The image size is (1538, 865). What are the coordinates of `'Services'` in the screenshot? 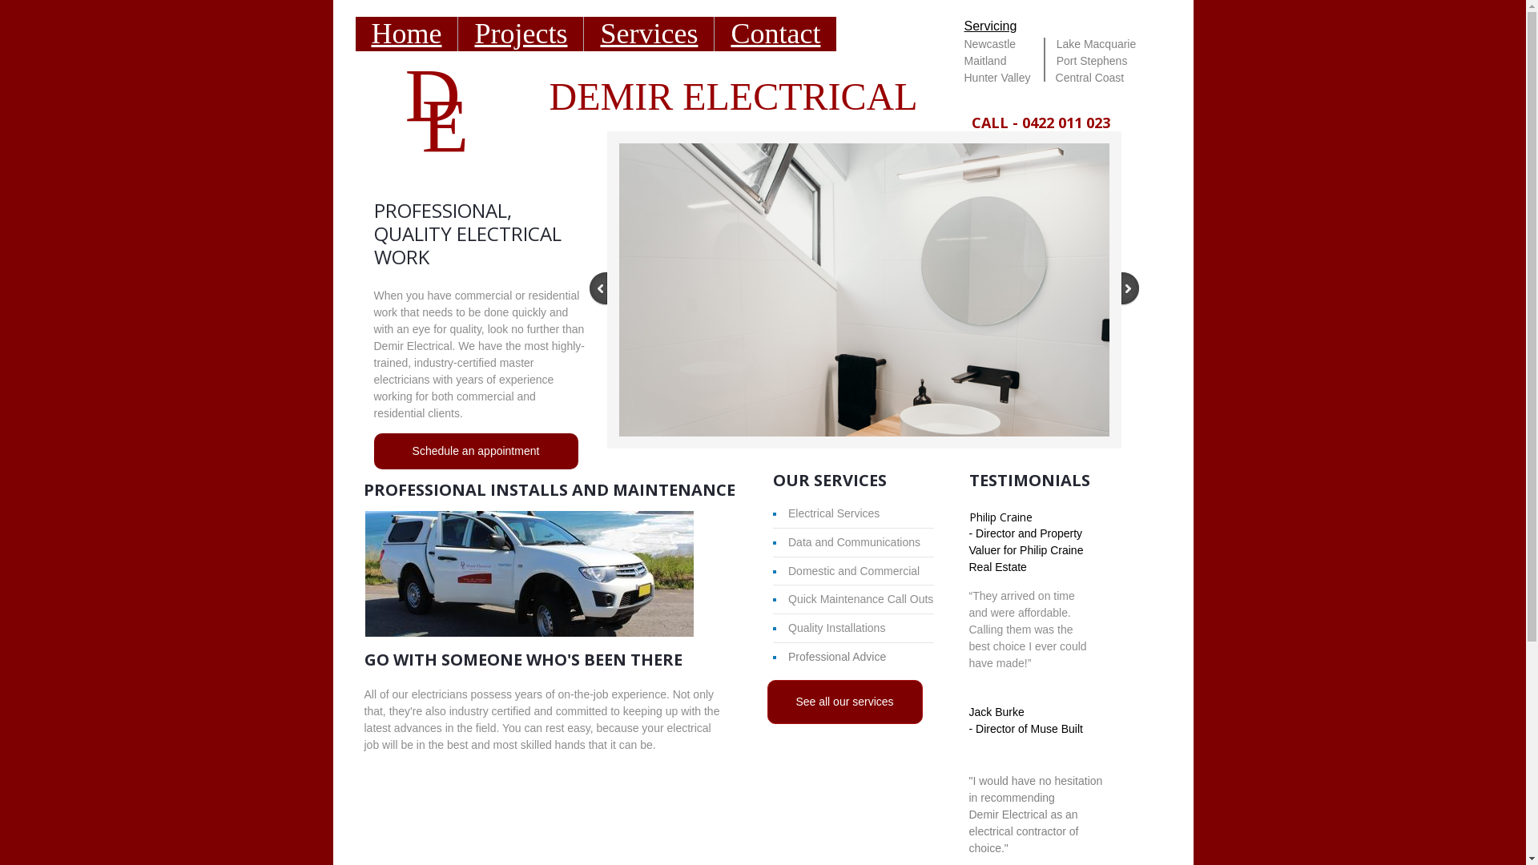 It's located at (649, 34).